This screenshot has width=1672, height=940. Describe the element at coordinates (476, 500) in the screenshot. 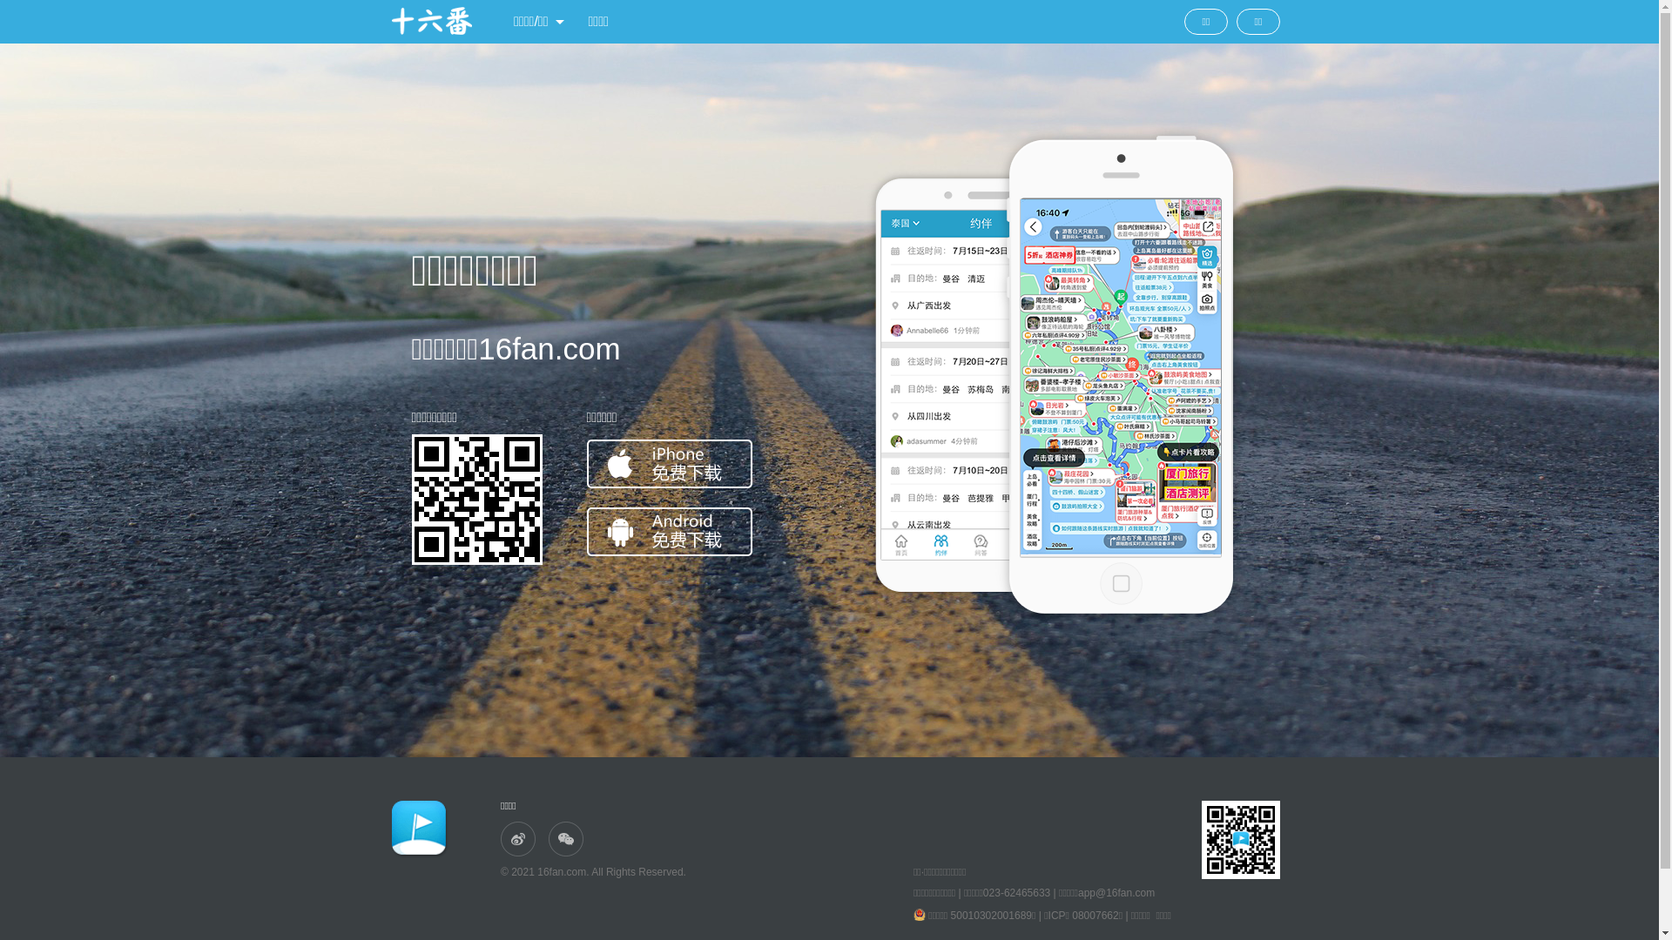

I see `'http://www.16fan.com/'` at that location.